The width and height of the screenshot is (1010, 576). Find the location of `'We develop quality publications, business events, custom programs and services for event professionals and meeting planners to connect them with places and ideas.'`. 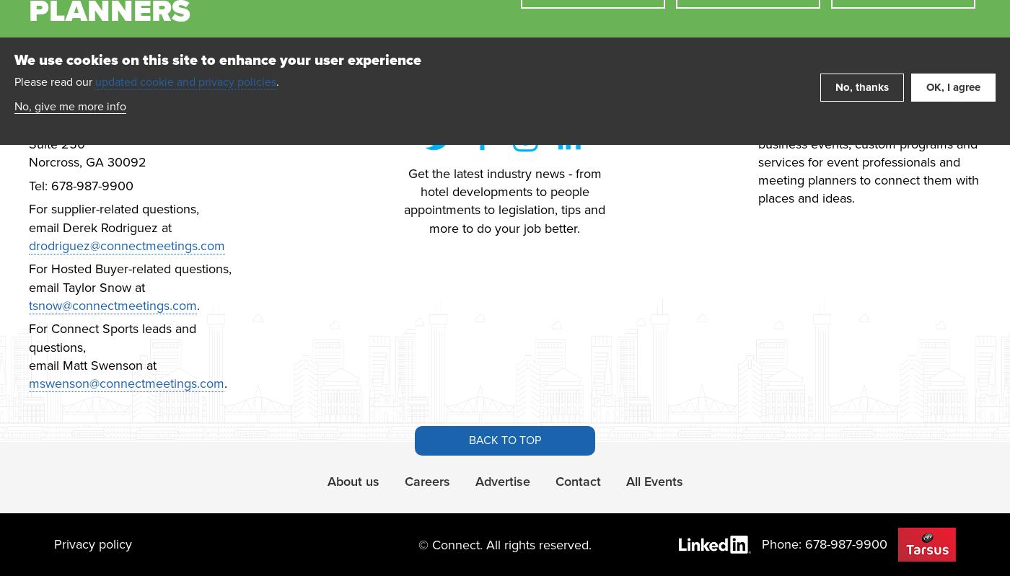

'We develop quality publications, business events, custom programs and services for event professionals and meeting planners to connect them with places and ideas.' is located at coordinates (868, 161).